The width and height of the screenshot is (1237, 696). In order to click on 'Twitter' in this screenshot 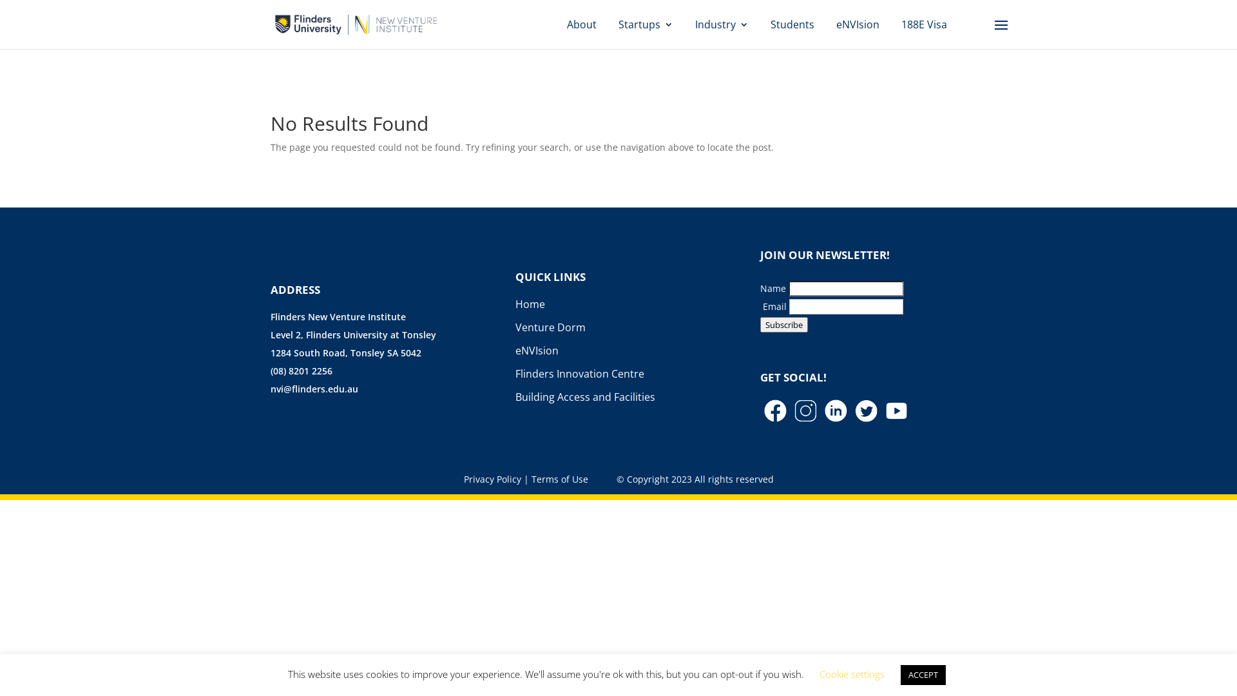, I will do `click(866, 411)`.